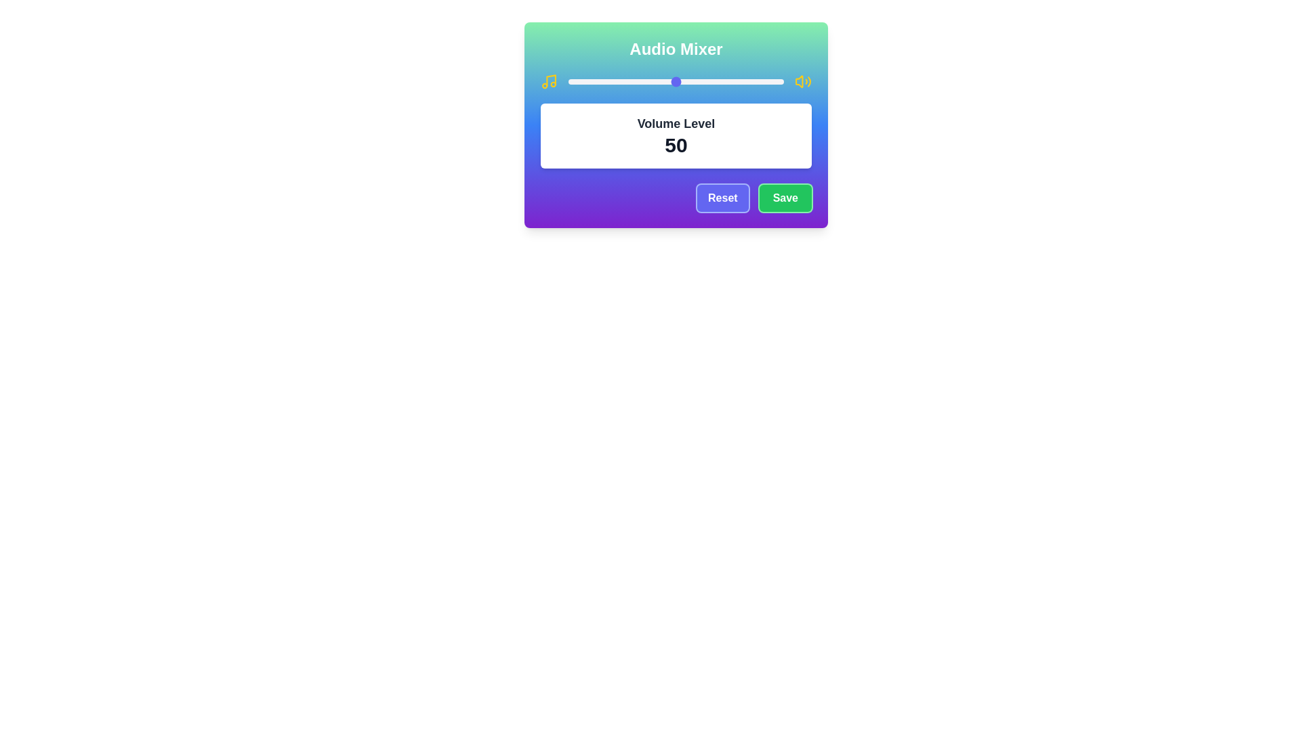 The image size is (1301, 731). Describe the element at coordinates (748, 81) in the screenshot. I see `the slider` at that location.